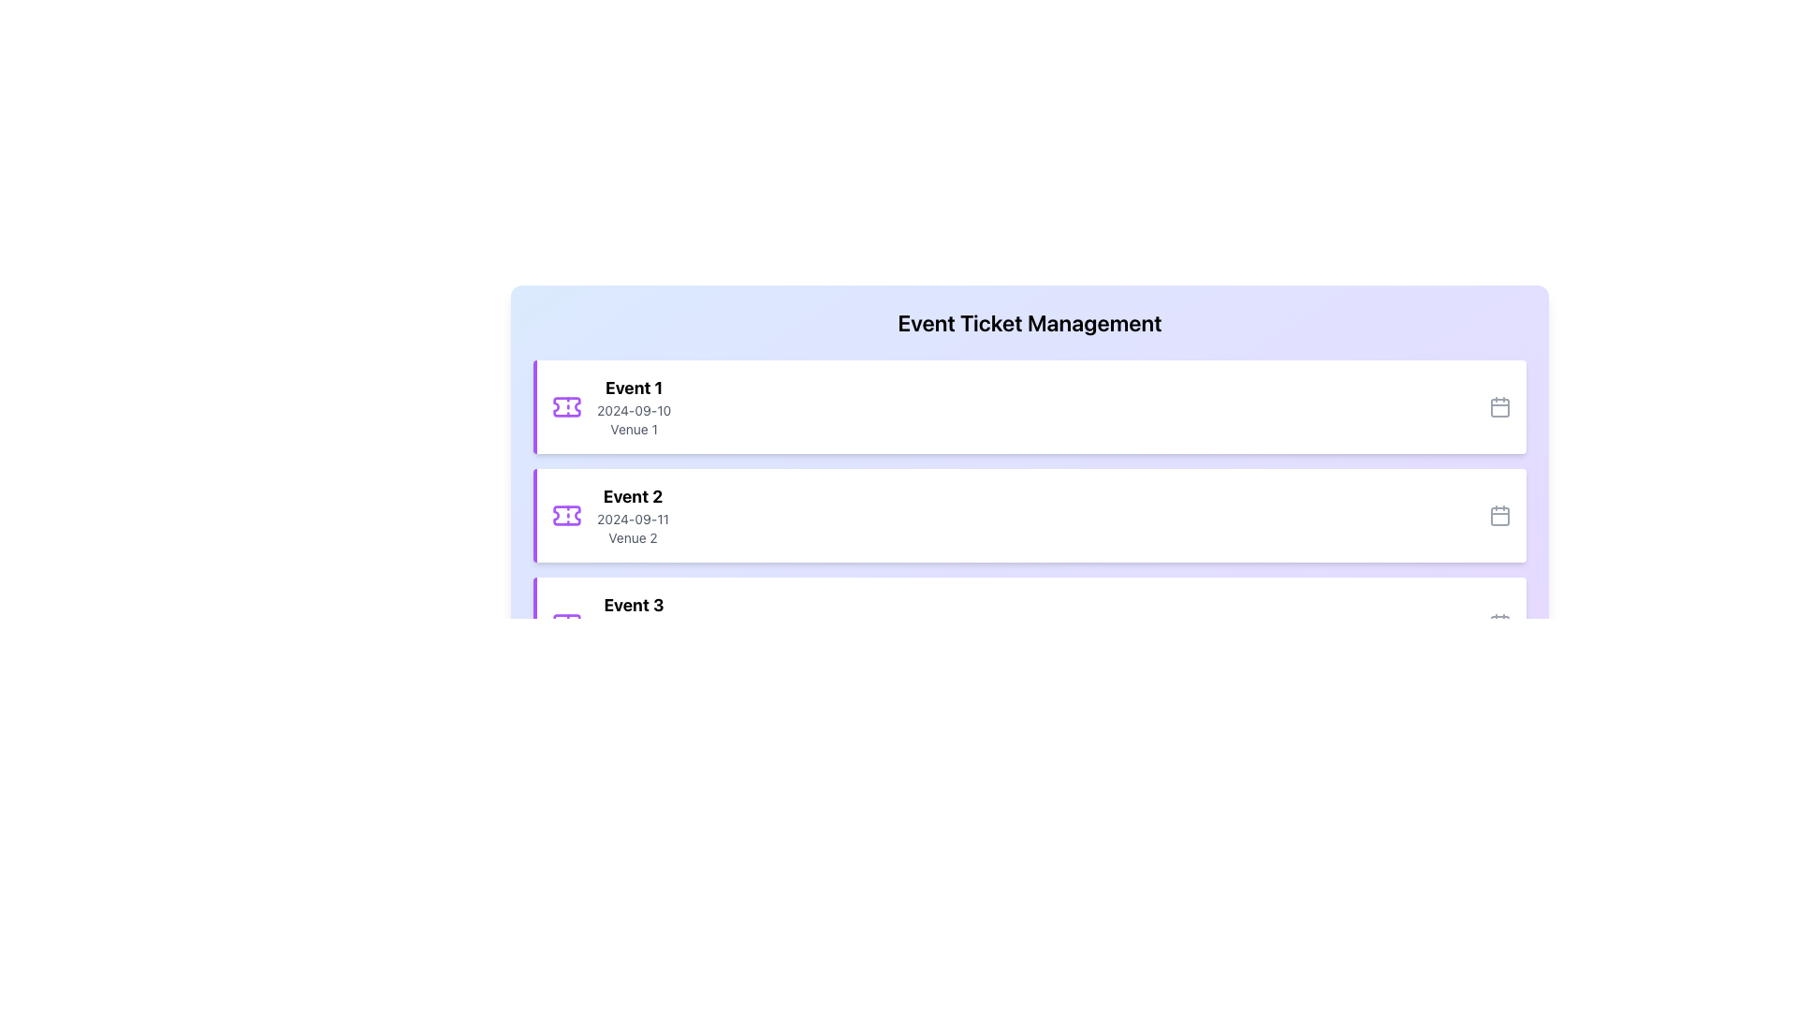 This screenshot has height=1011, width=1797. What do you see at coordinates (610, 516) in the screenshot?
I see `the event labeled 'Event 2' from the text-block displaying the date '2024-09-11'` at bounding box center [610, 516].